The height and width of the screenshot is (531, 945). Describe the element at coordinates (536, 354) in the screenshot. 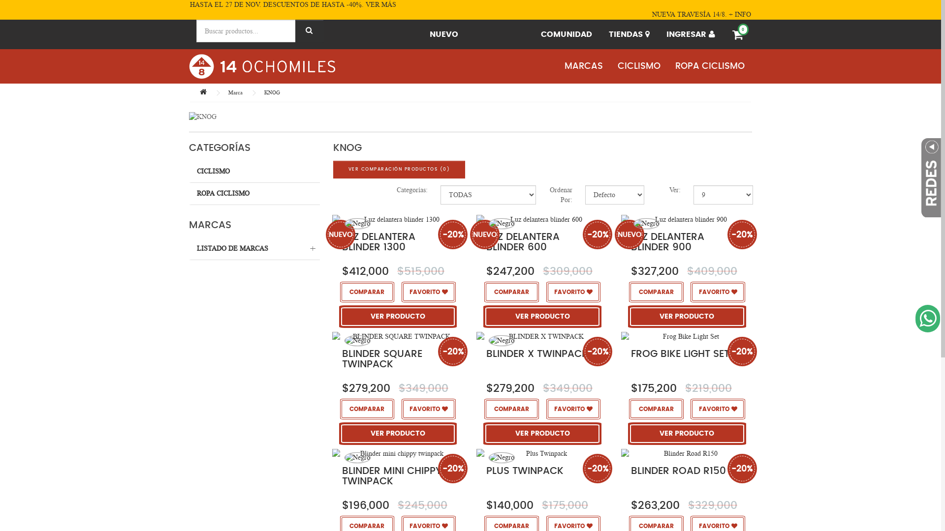

I see `'BLINDER X TWINPACK'` at that location.